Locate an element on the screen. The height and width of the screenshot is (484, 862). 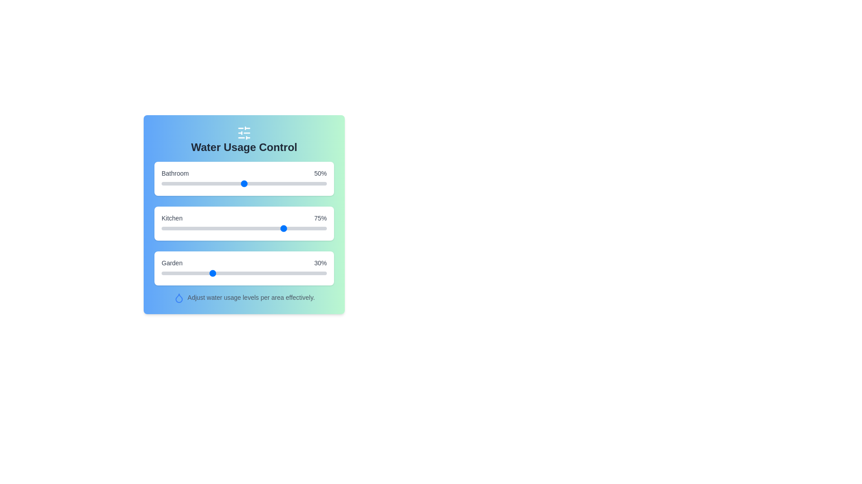
the Bathroom usage slider to 24% is located at coordinates (201, 183).